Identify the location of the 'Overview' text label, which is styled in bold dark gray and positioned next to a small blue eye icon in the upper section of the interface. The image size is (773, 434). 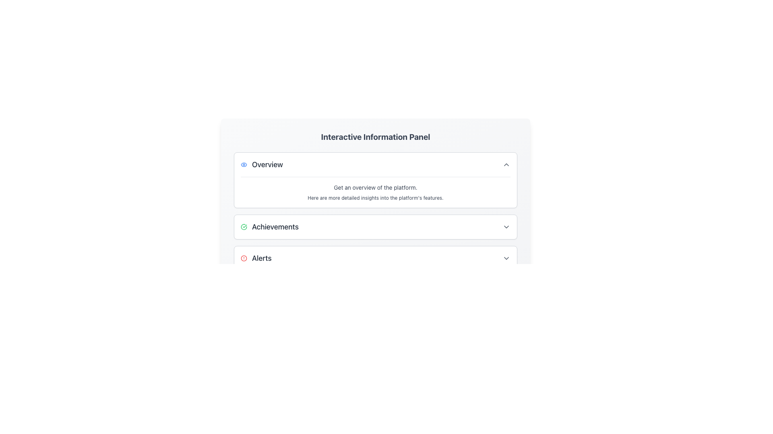
(267, 164).